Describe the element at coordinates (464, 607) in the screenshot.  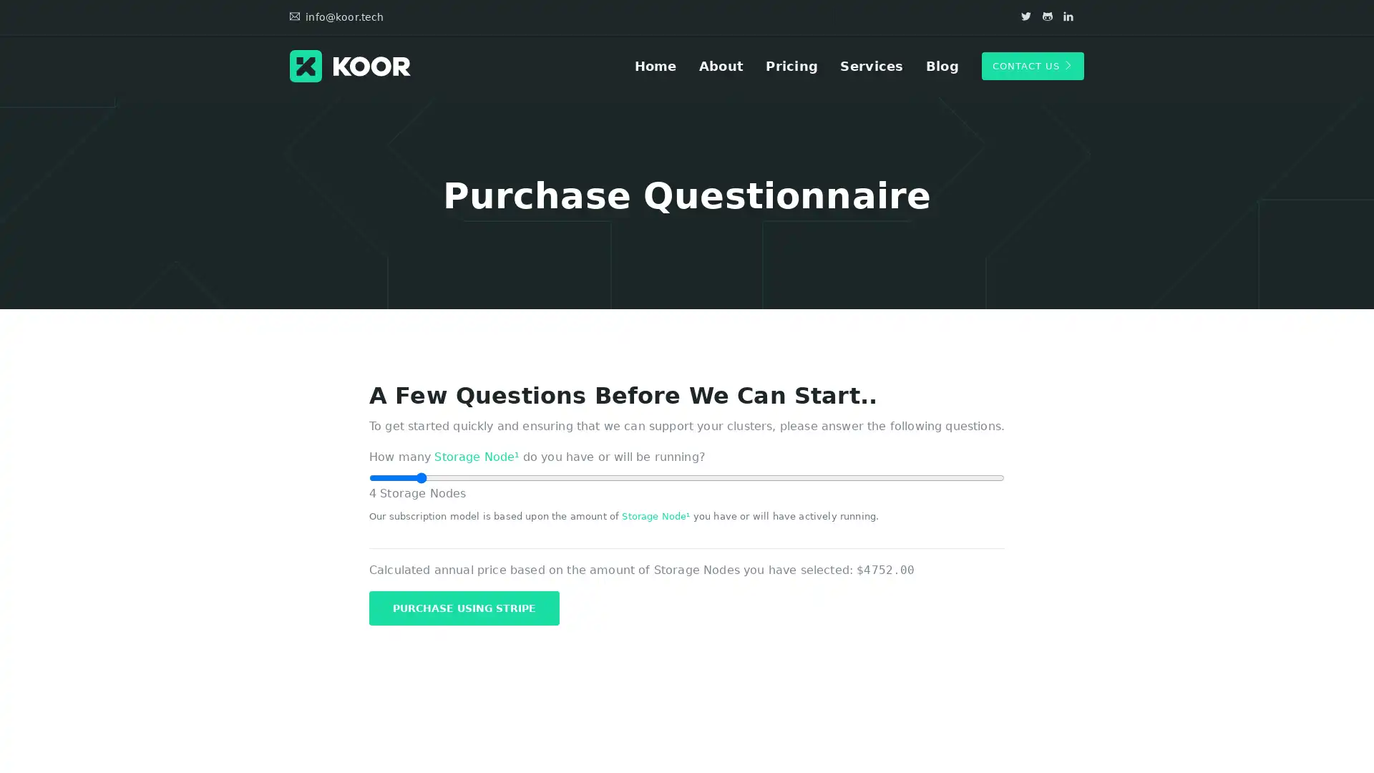
I see `PURCHASE USING STRIPE` at that location.